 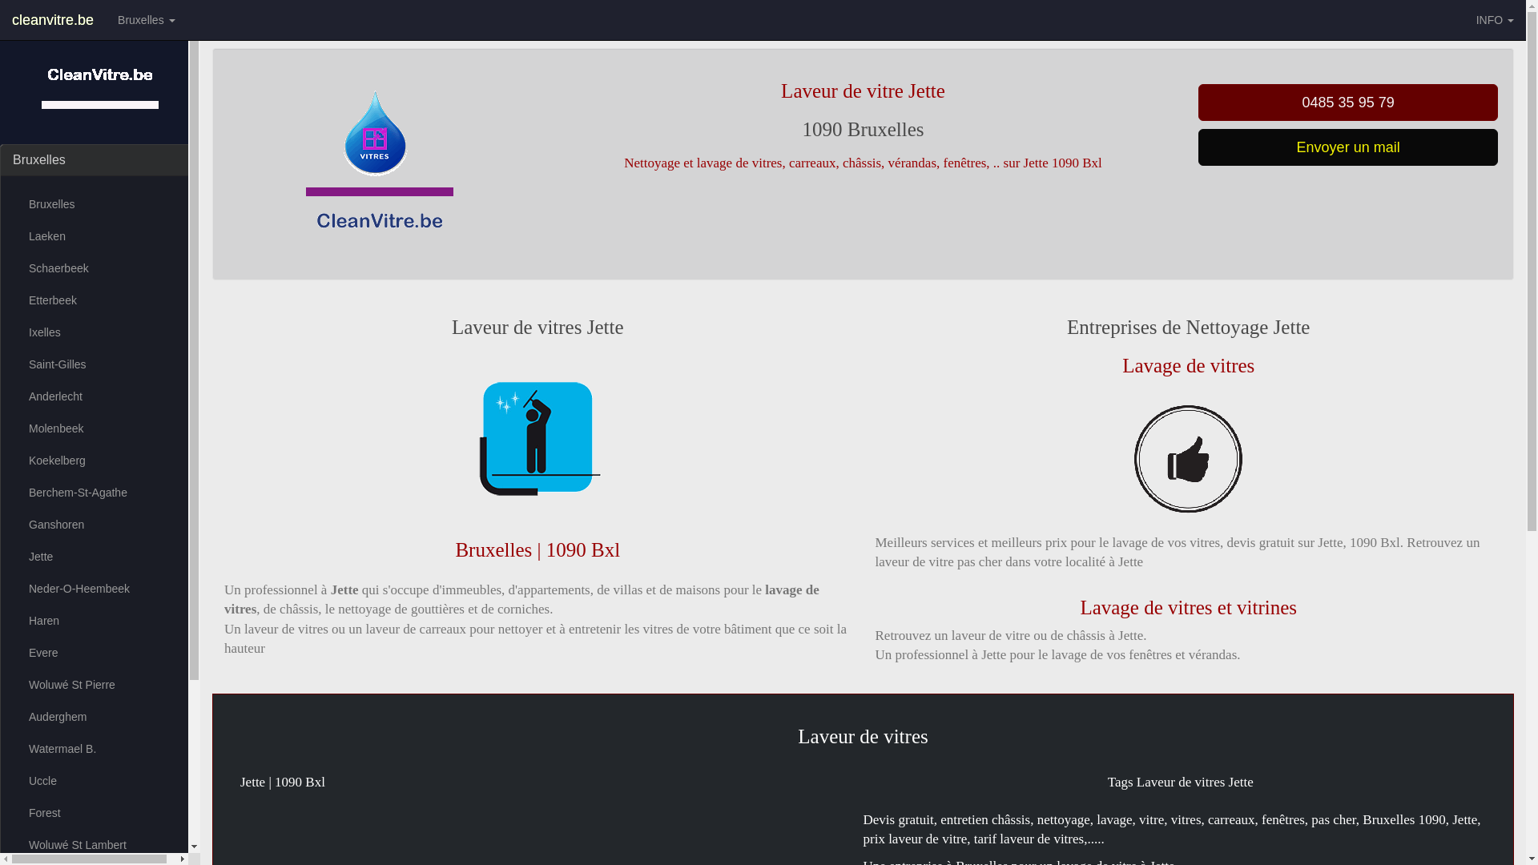 I want to click on 'cleanvitre.be', so click(x=53, y=19).